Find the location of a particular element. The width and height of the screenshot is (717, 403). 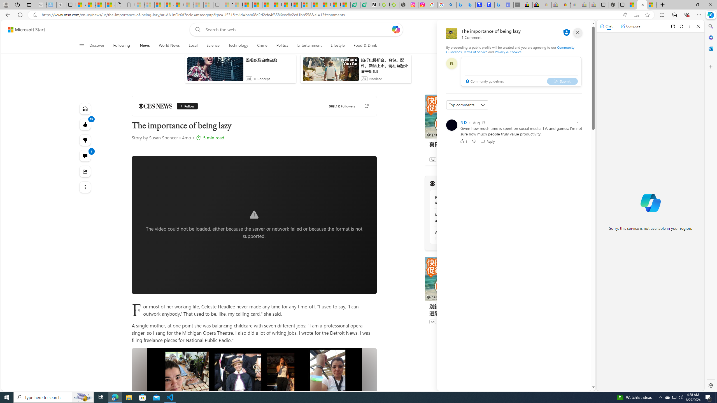

'CBS News' is located at coordinates (155, 106).